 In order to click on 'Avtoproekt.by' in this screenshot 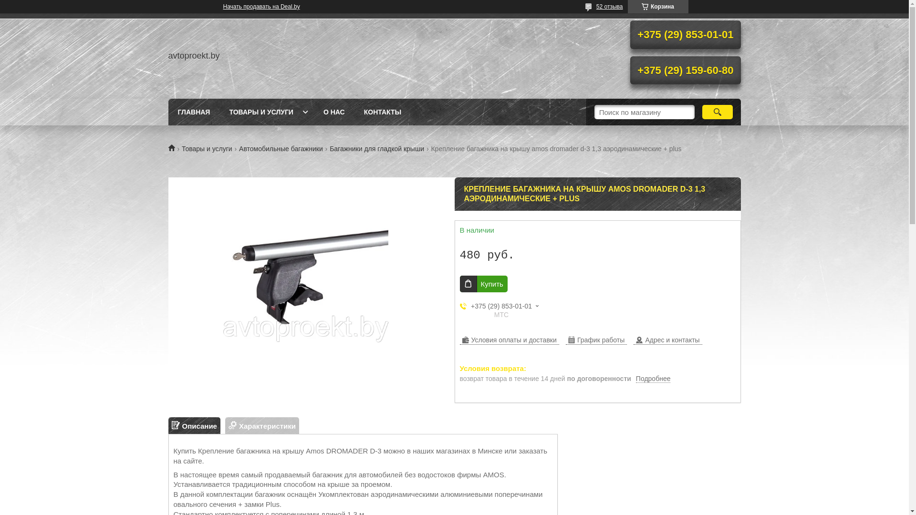, I will do `click(174, 147)`.